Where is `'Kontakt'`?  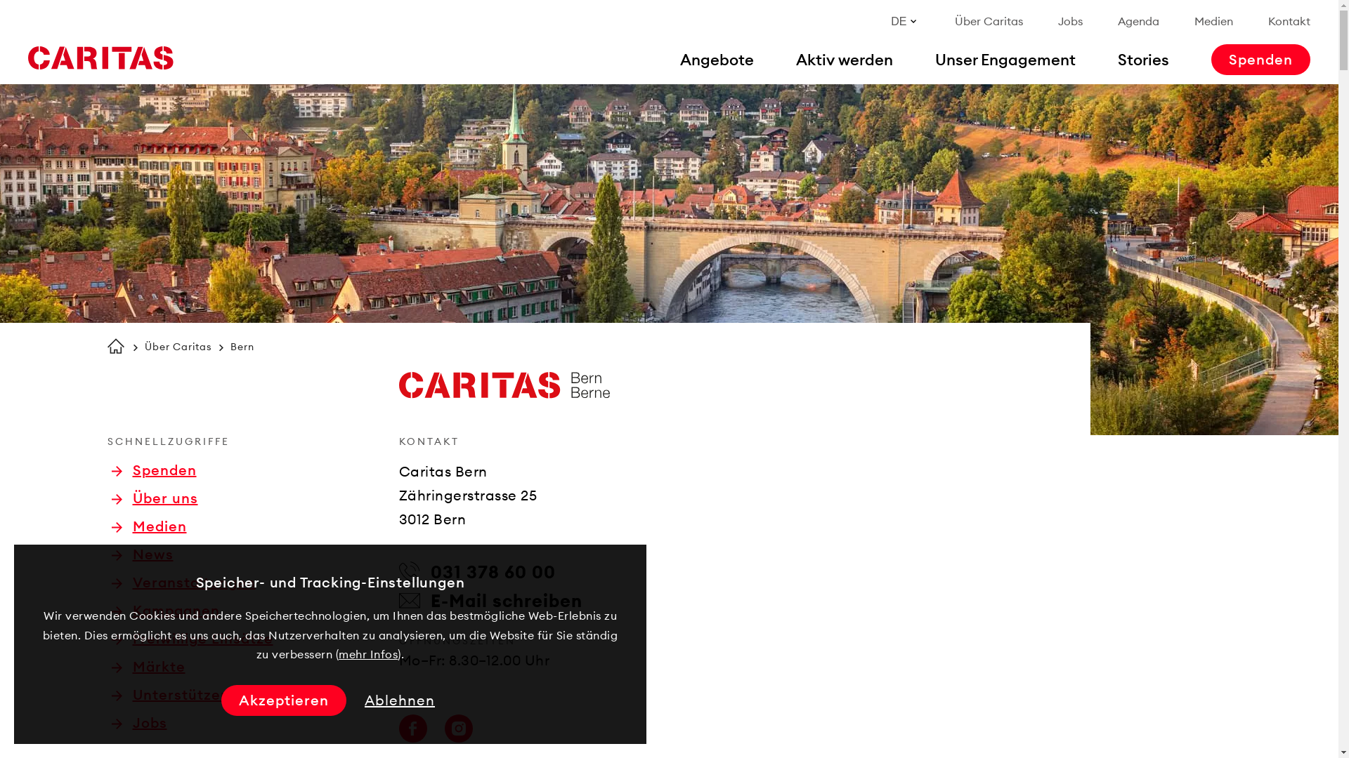
'Kontakt' is located at coordinates (1289, 21).